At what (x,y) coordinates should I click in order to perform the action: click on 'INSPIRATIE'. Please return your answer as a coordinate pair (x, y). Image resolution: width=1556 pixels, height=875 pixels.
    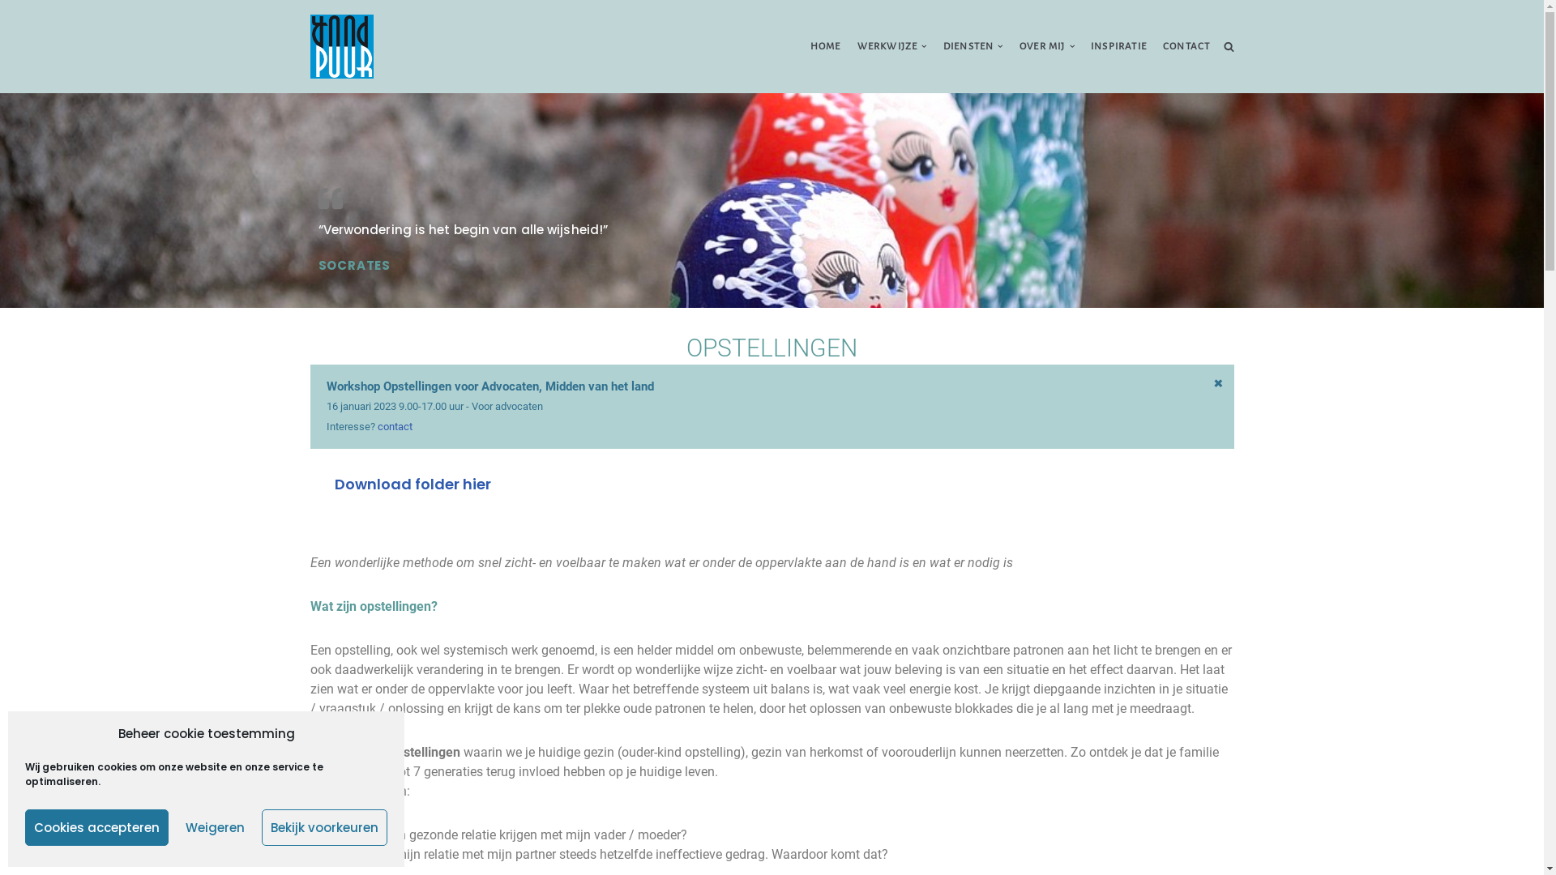
    Looking at the image, I should click on (1118, 45).